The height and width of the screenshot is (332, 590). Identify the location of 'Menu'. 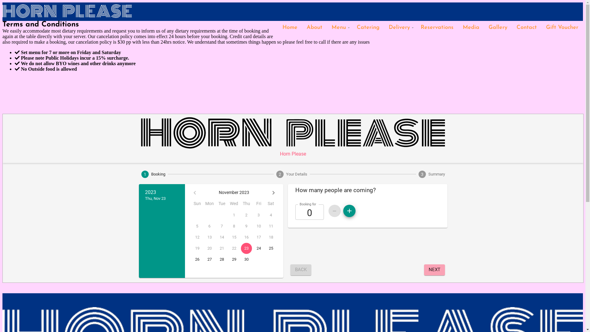
(339, 27).